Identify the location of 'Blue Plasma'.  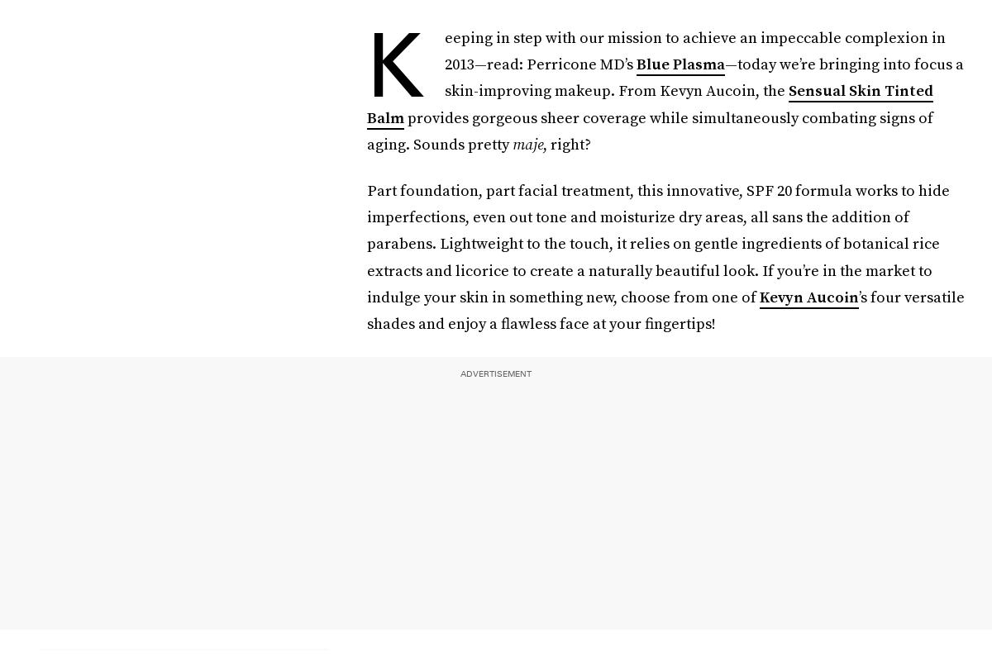
(680, 64).